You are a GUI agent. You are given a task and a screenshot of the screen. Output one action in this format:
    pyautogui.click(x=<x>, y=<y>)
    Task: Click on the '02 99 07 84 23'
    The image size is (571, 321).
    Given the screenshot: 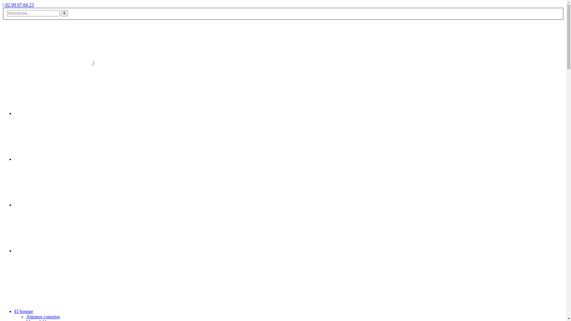 What is the action you would take?
    pyautogui.click(x=18, y=5)
    